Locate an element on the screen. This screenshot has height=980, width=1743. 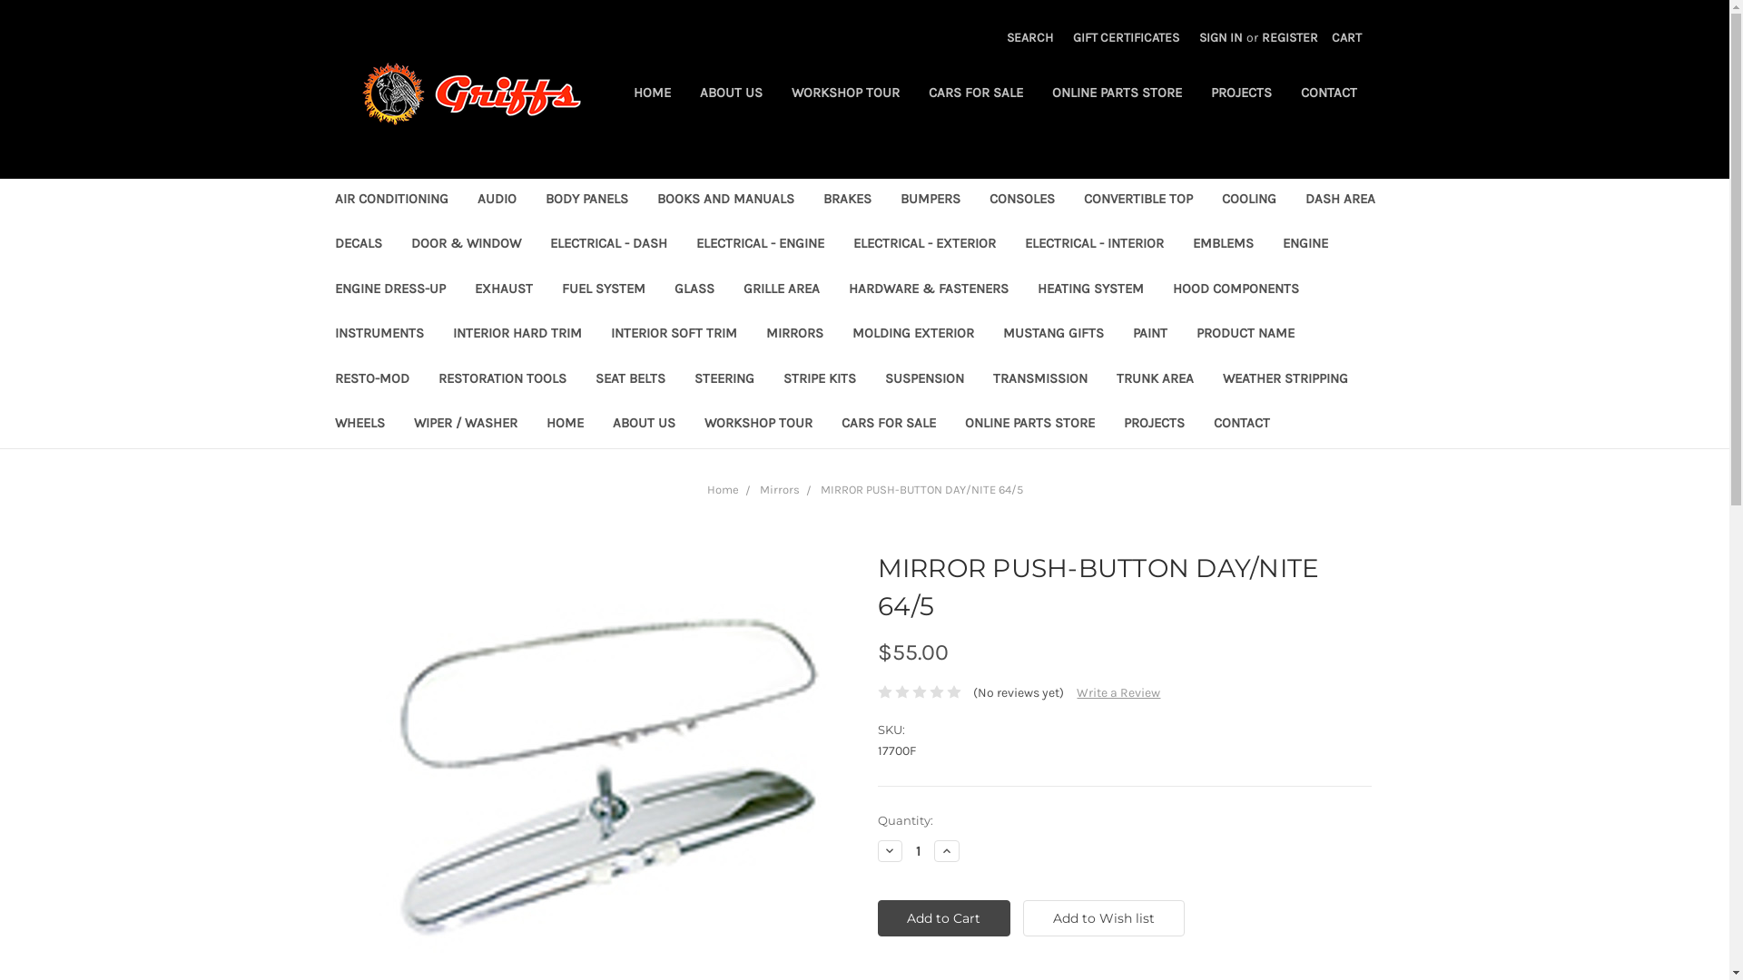
'DECALS' is located at coordinates (357, 245).